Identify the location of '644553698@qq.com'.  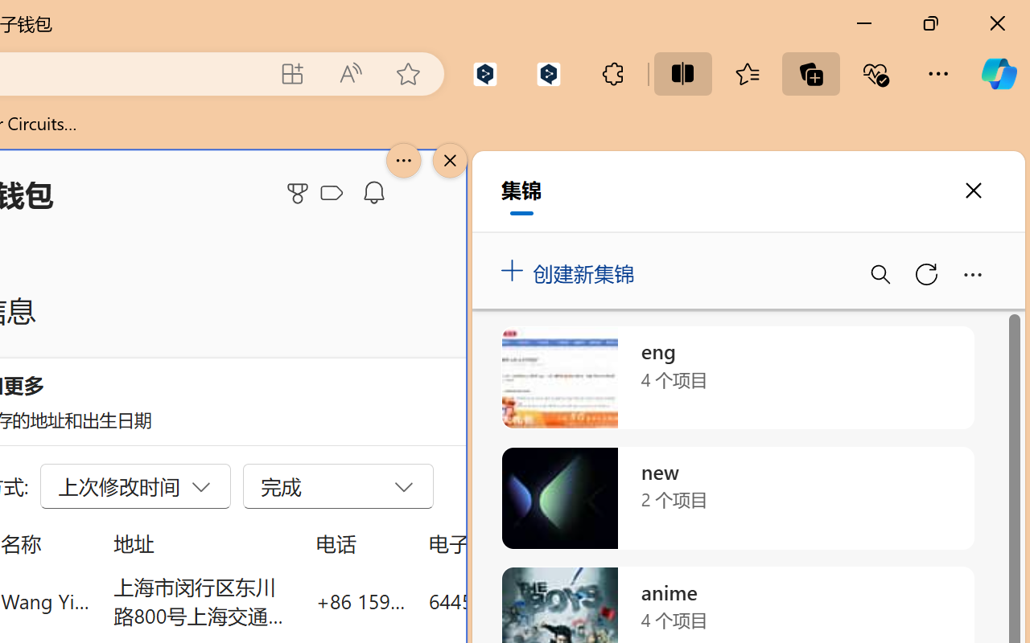
(518, 600).